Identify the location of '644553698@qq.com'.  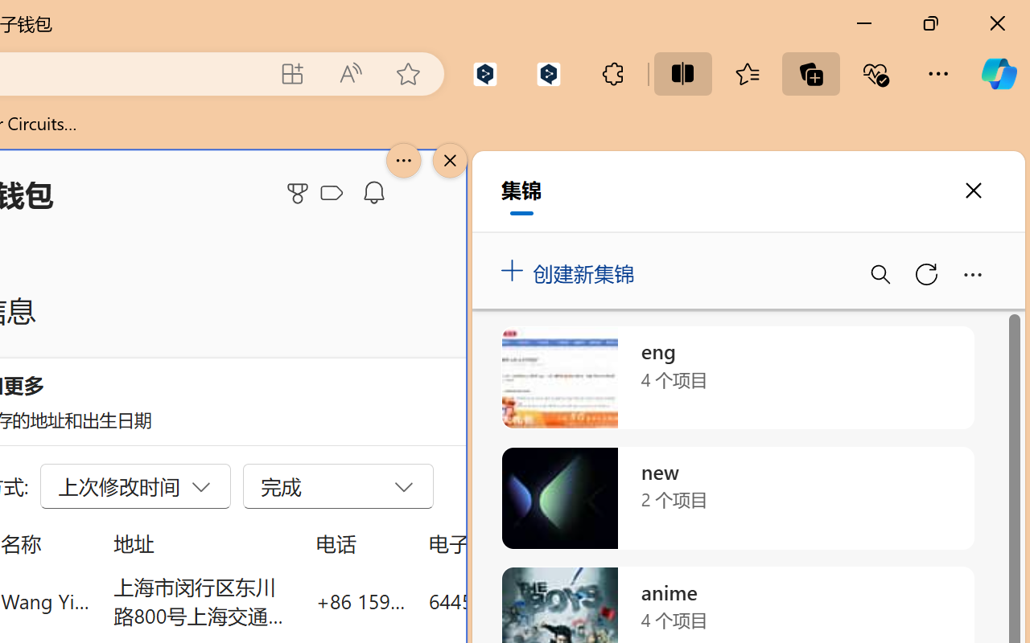
(518, 600).